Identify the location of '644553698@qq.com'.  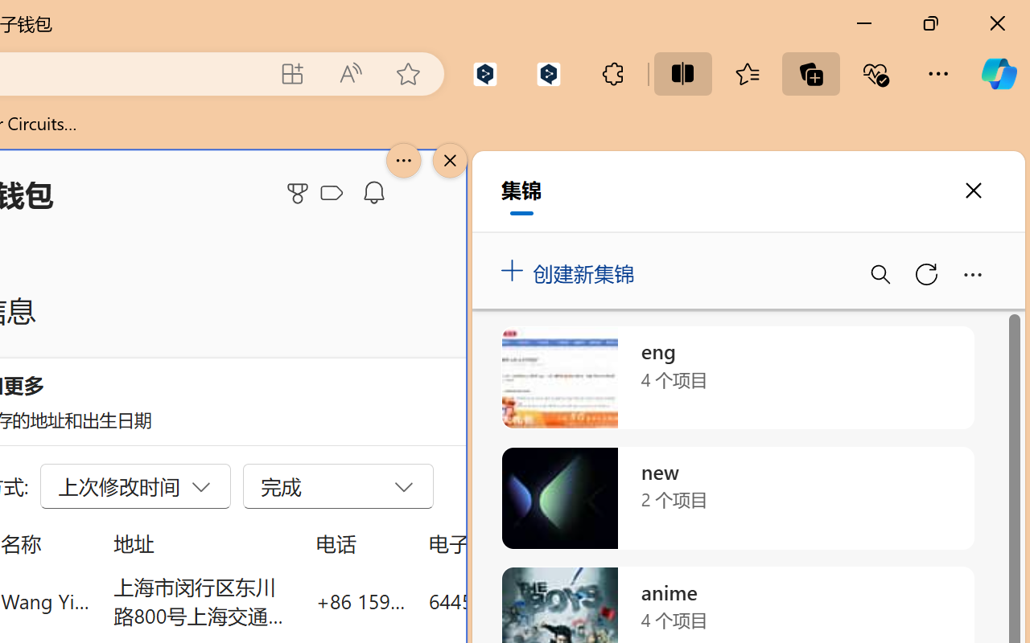
(518, 600).